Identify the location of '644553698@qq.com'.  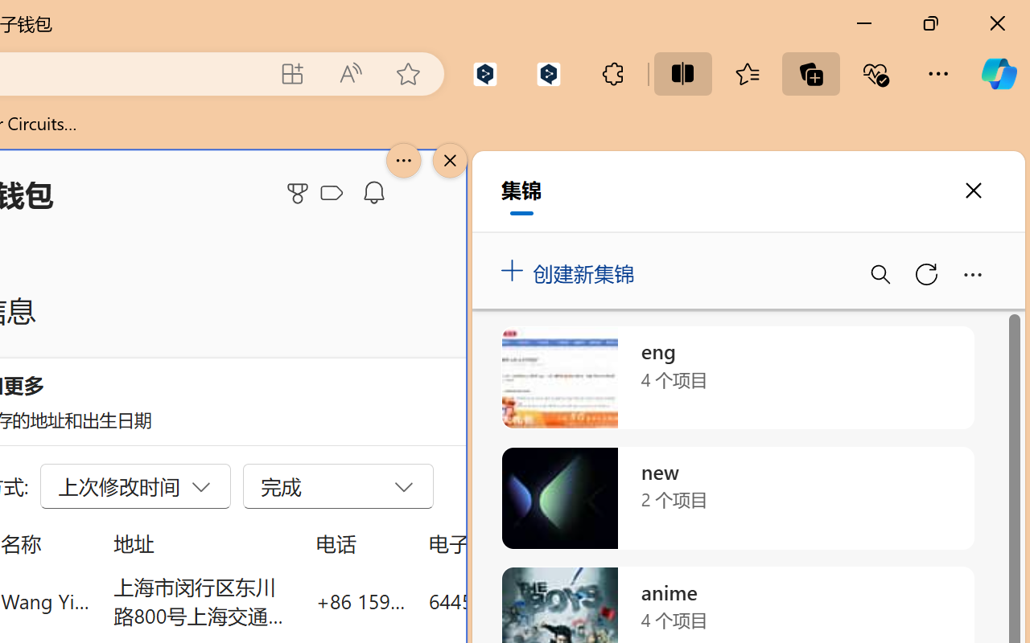
(518, 600).